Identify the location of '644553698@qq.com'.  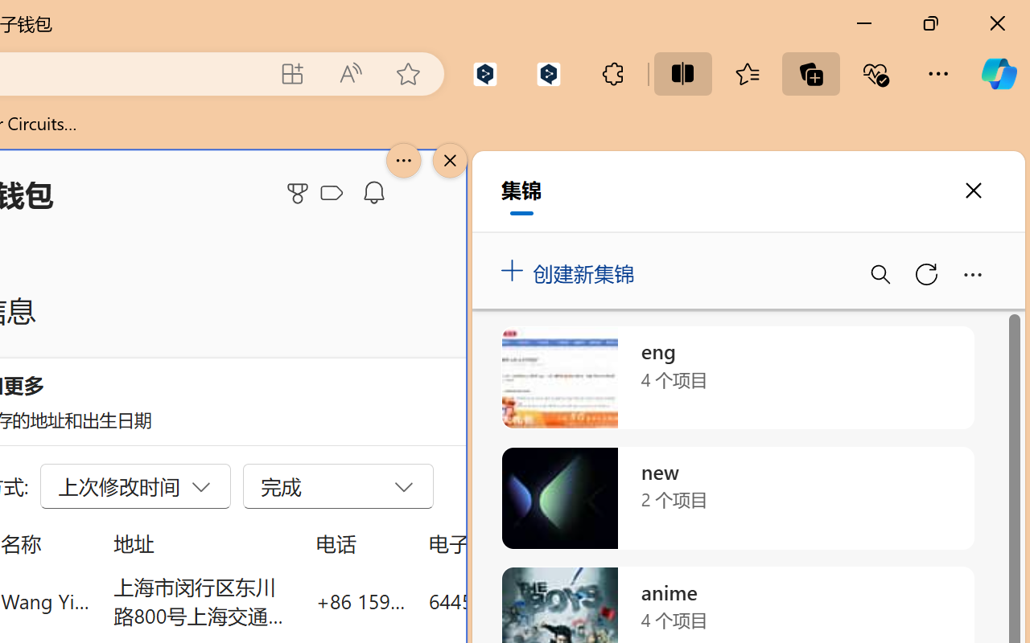
(518, 600).